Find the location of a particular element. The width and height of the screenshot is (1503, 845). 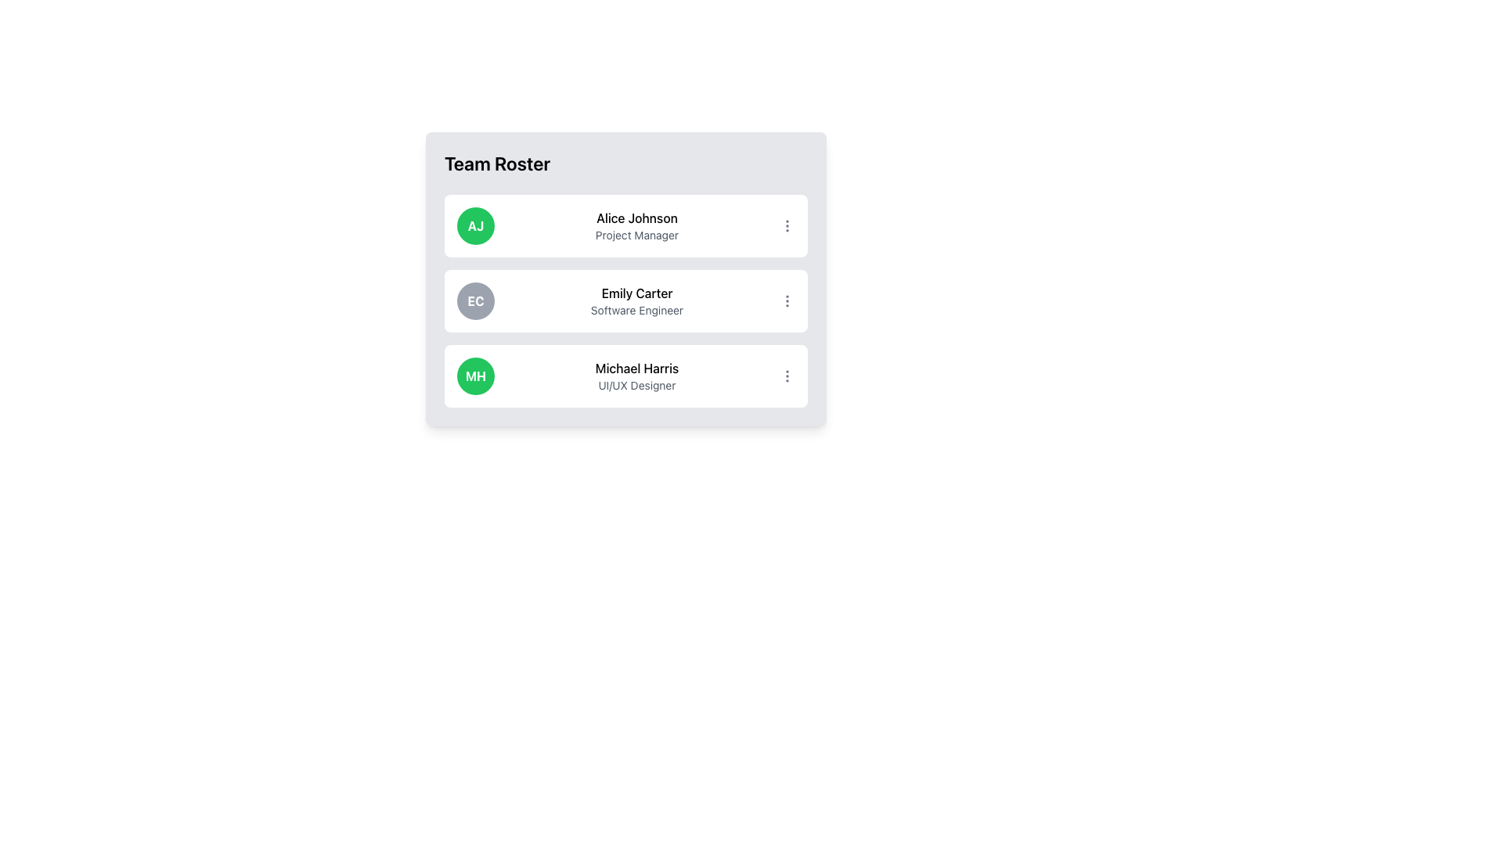

the Avatar or User Badge for 'Michael Harris', which is a circular graphic with a green background and bold white initials 'MH', located as the leftmost item in the third row of a user profile list is located at coordinates (475, 376).